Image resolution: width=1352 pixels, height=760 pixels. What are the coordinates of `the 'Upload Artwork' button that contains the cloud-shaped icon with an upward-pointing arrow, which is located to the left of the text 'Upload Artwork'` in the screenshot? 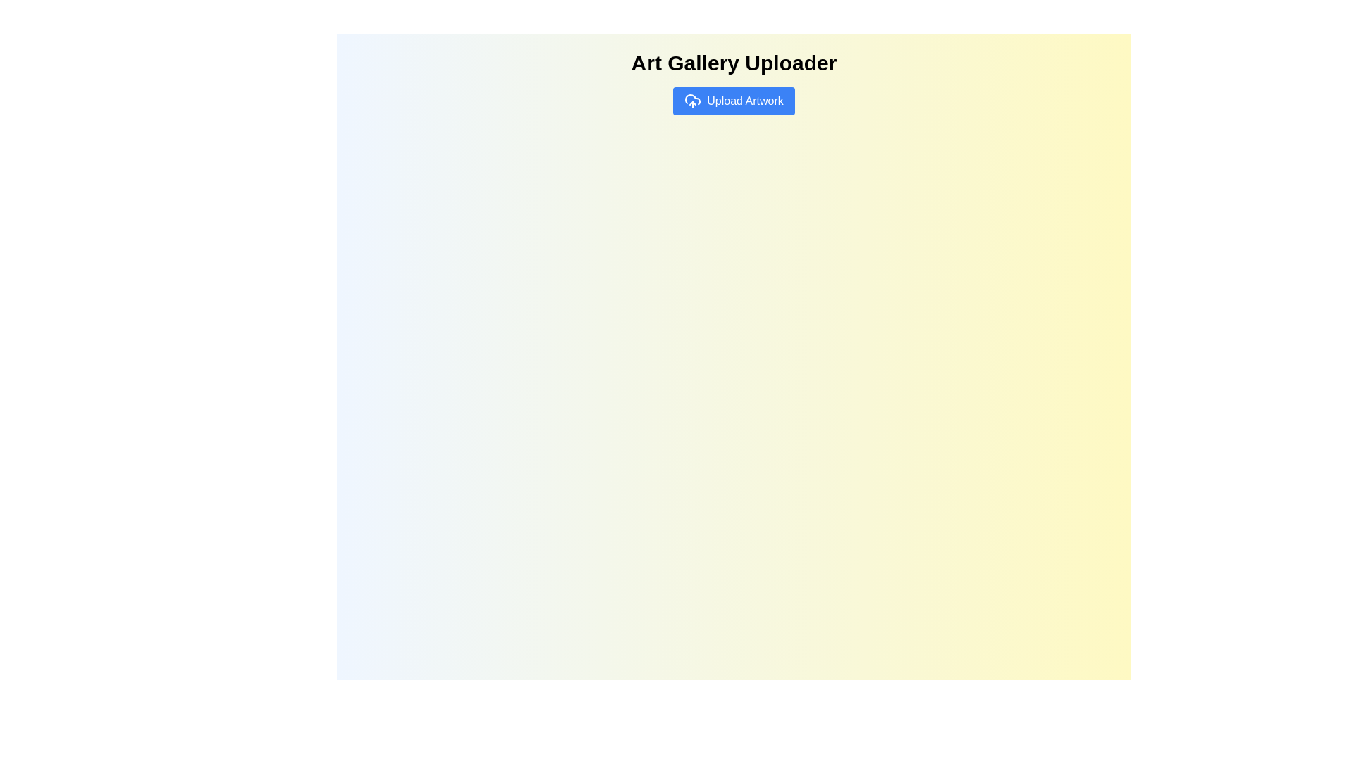 It's located at (693, 100).